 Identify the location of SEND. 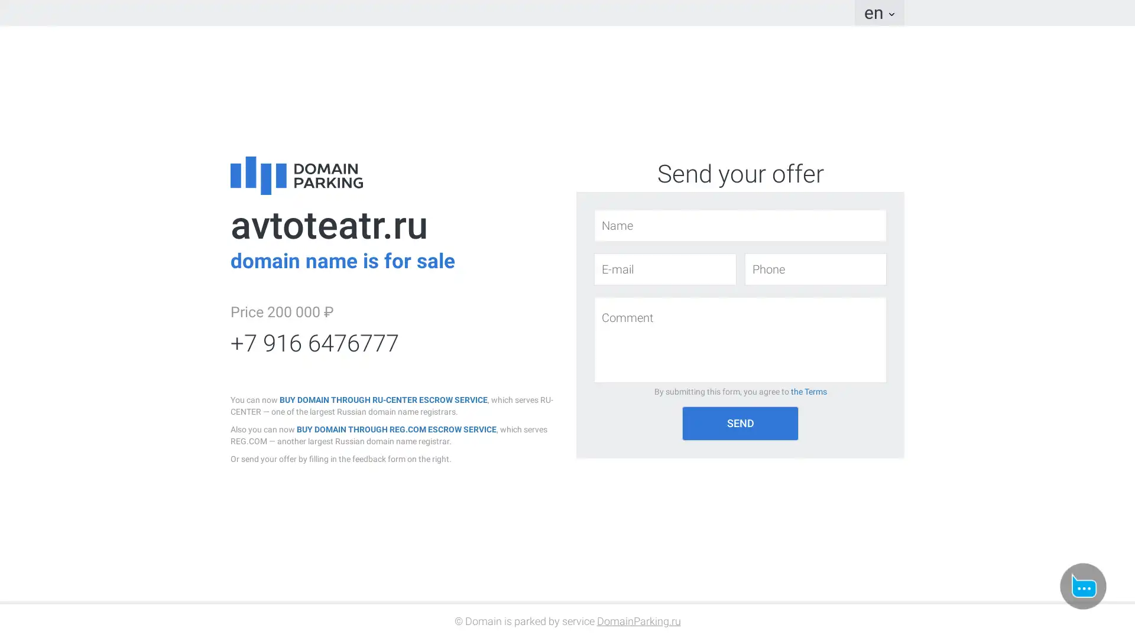
(740, 422).